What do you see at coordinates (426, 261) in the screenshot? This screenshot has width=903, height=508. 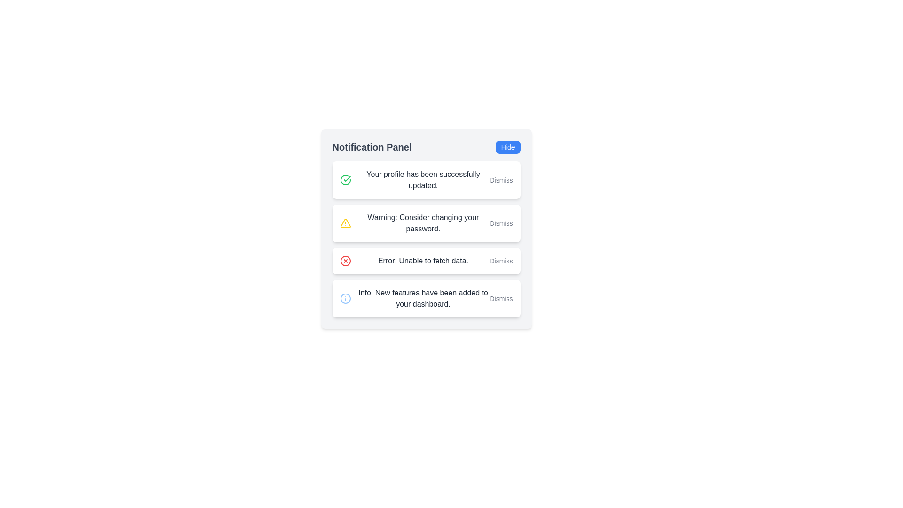 I see `the Notification alert box that displays the error message 'Error: Unable to fetch data.' and includes a 'Dismiss' link` at bounding box center [426, 261].